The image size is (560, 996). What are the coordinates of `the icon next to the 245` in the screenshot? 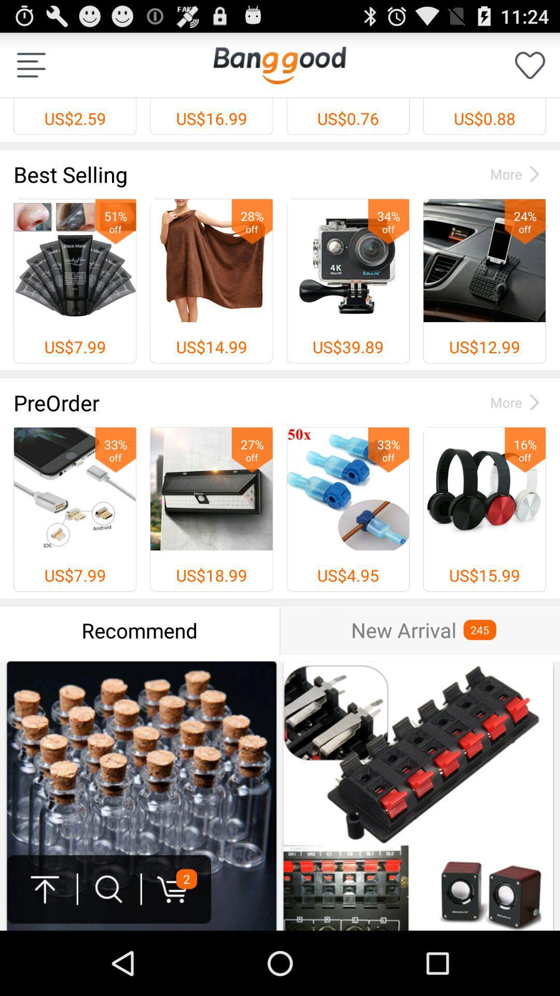 It's located at (403, 629).